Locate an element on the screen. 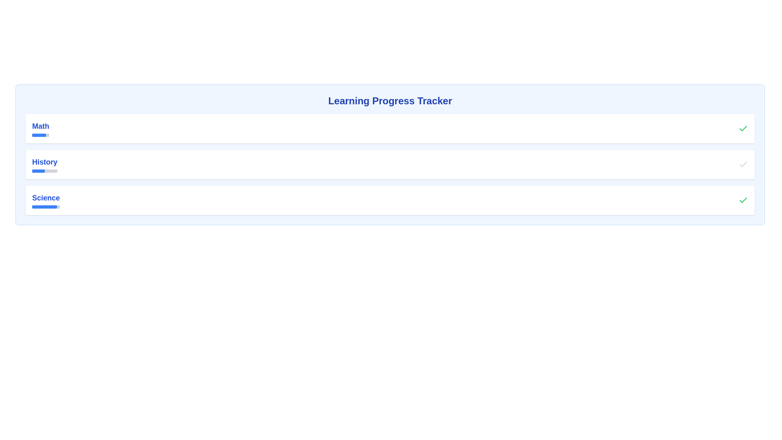 The image size is (782, 440). the blue filled portion of the progress indicator bar located below the 'Science' label as a visual indicator is located at coordinates (44, 207).